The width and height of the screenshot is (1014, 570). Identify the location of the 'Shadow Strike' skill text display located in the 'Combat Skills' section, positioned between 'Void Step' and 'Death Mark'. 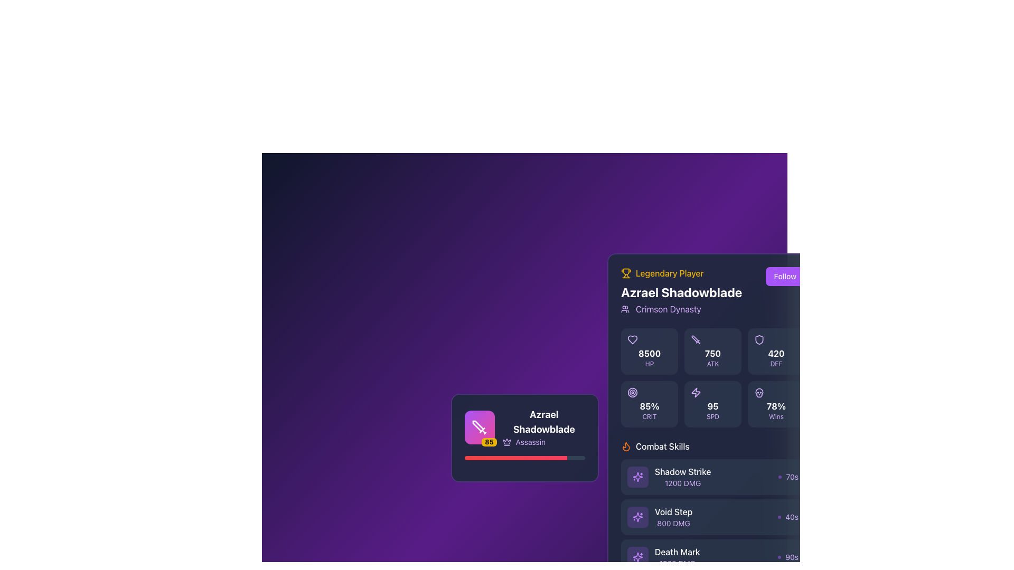
(682, 477).